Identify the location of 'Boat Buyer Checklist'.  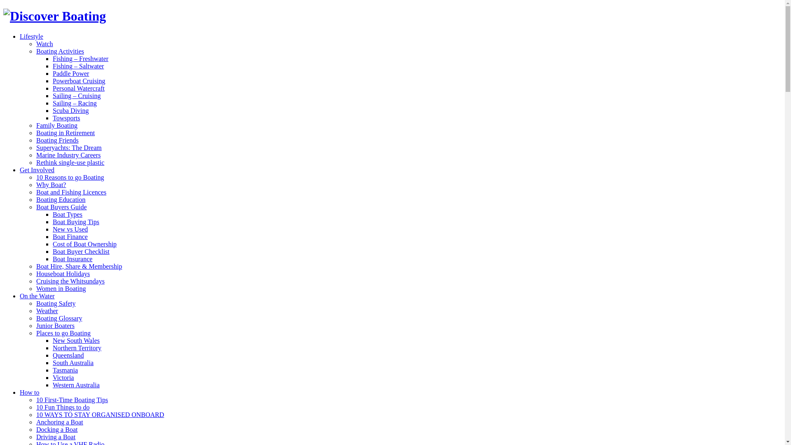
(52, 251).